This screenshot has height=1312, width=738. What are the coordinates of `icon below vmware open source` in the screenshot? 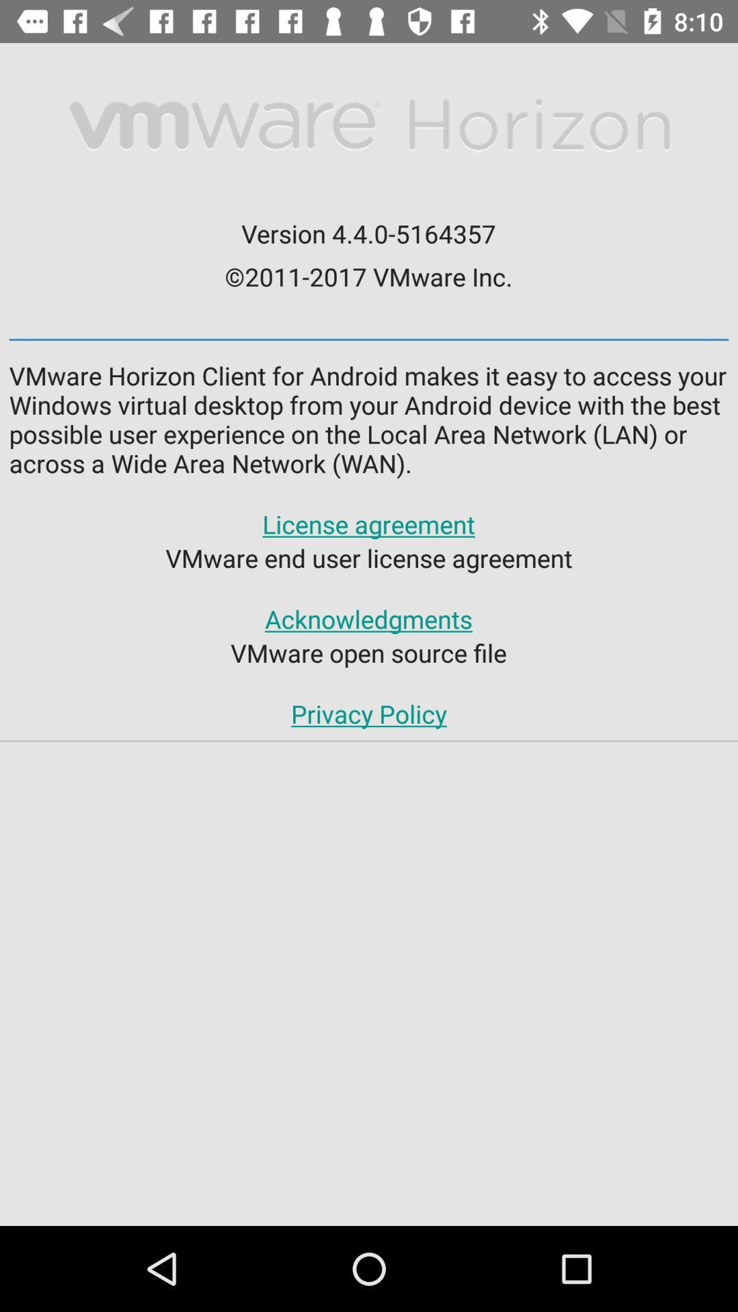 It's located at (369, 713).